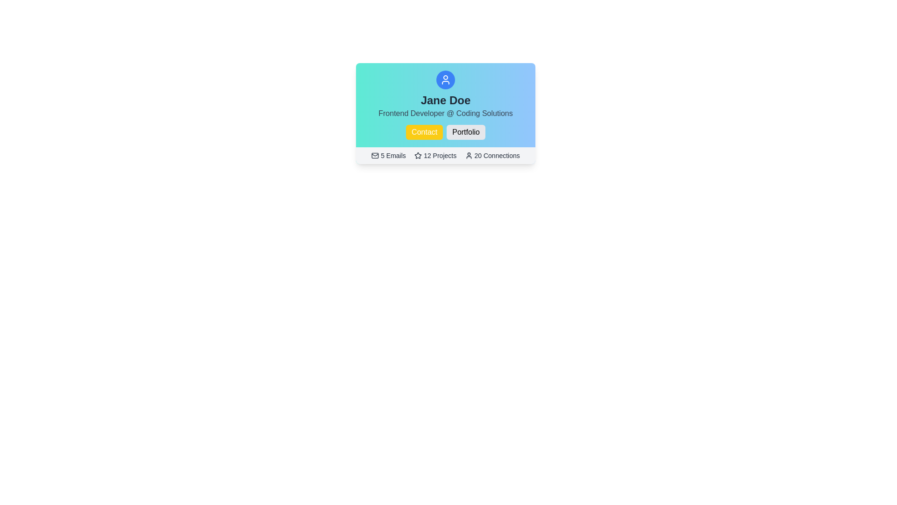  Describe the element at coordinates (445, 79) in the screenshot. I see `the circular user glyph icon with a blue background located above the name 'Jane Doe'` at that location.